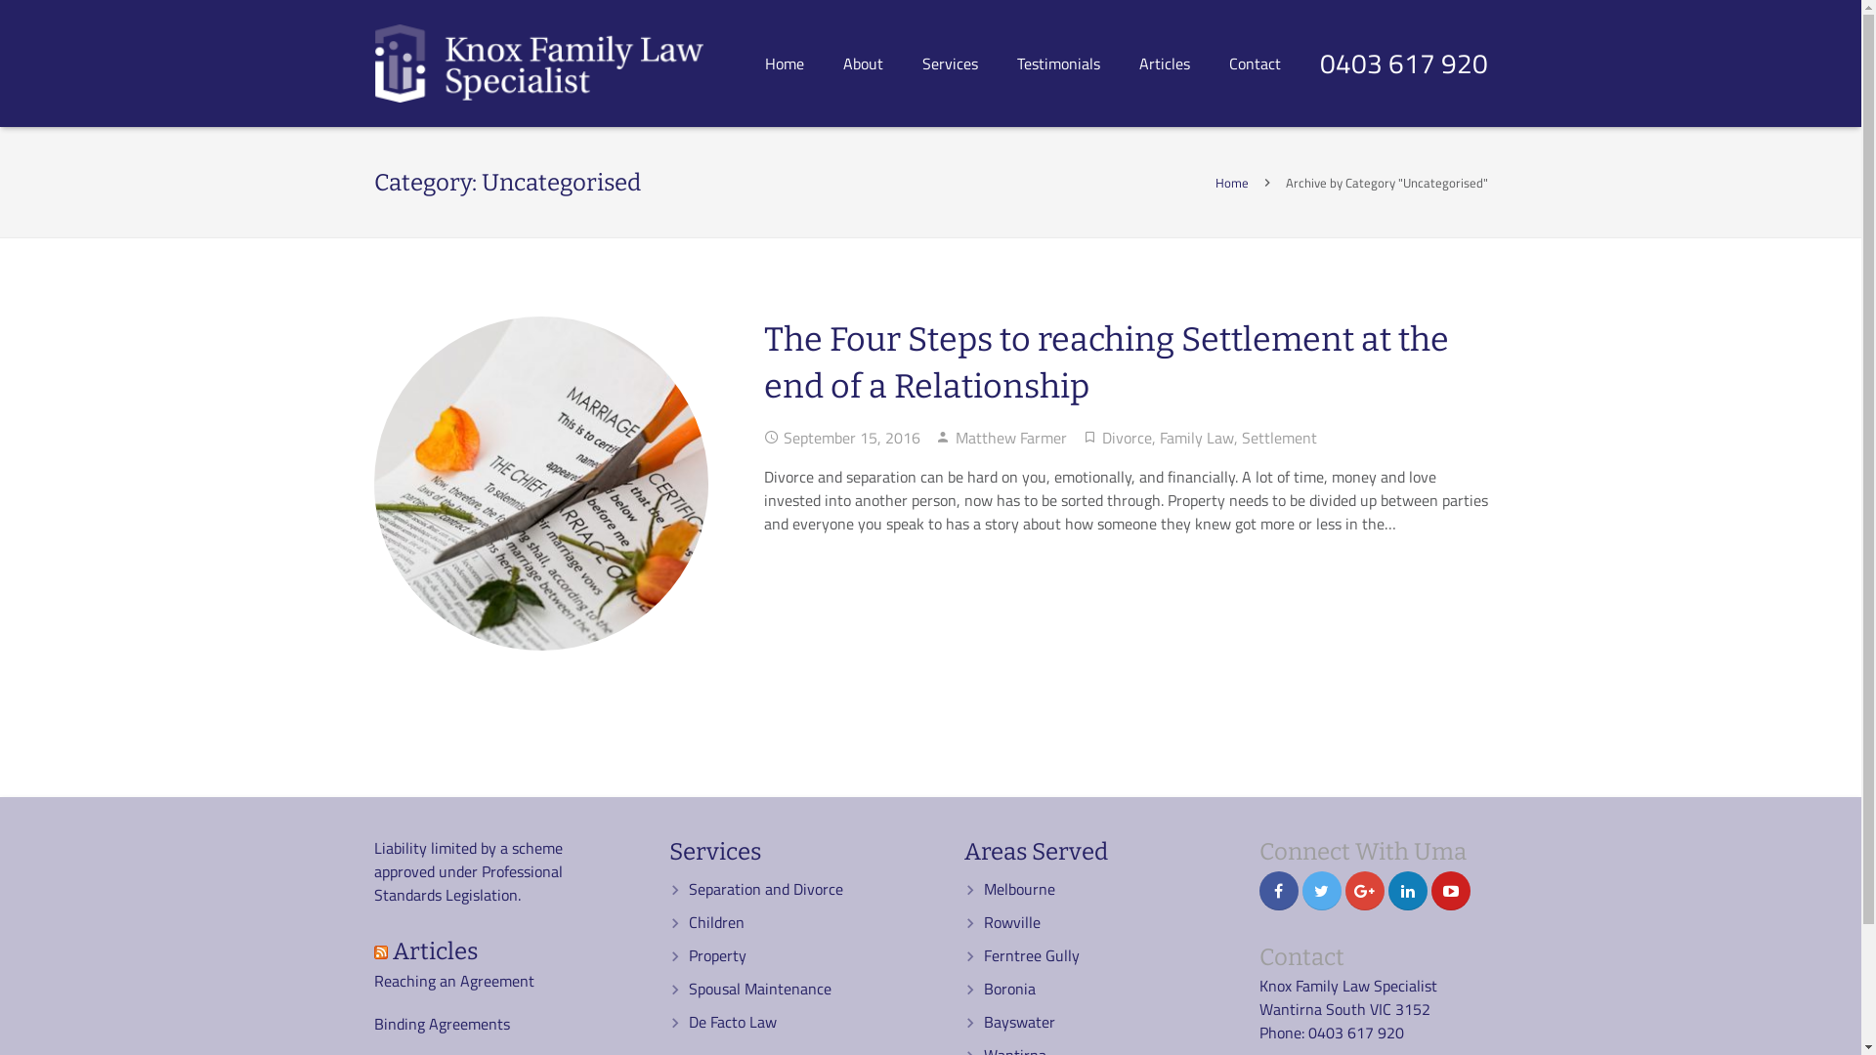  I want to click on 'Reaching an Agreement', so click(452, 980).